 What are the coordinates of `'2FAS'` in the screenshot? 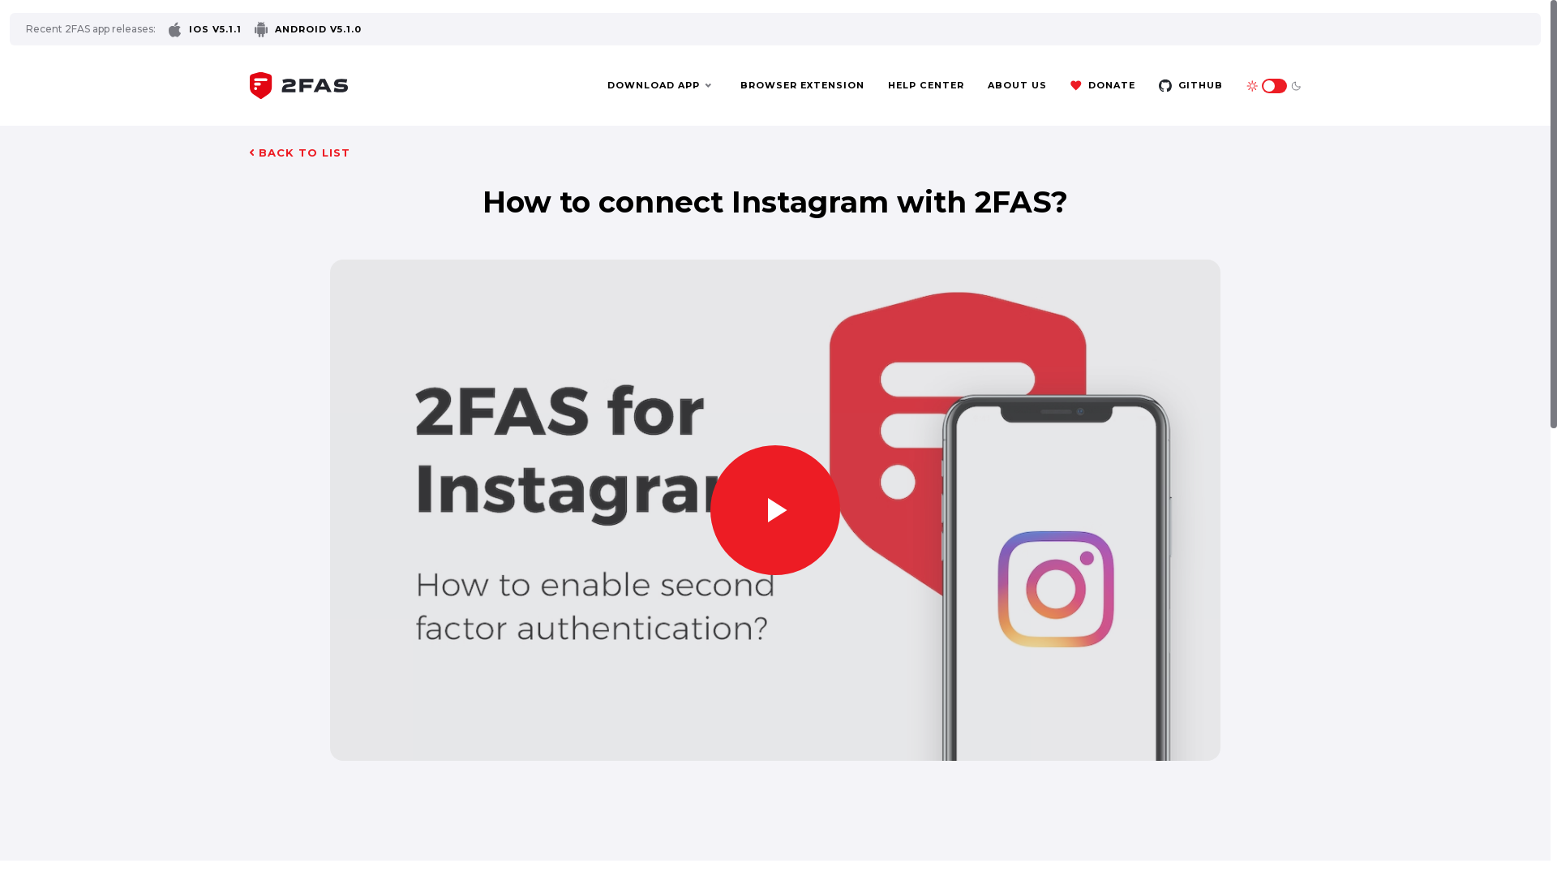 It's located at (298, 84).